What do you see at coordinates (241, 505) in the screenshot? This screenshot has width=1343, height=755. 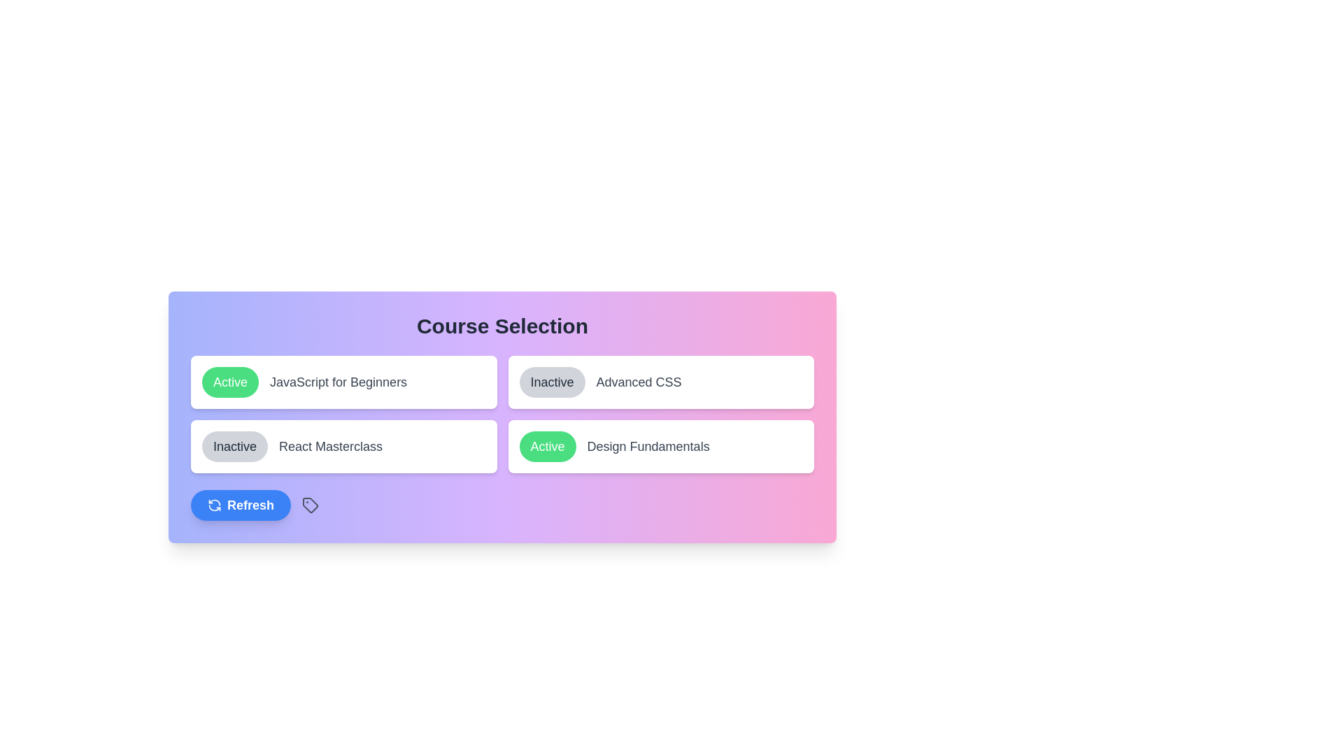 I see `the refresh button located in the bottom-left section of the main interface to observe its hover state effect` at bounding box center [241, 505].